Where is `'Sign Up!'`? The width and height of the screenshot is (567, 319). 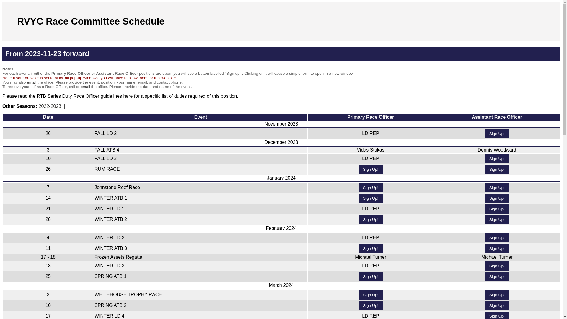
'Sign Up!' is located at coordinates (370, 248).